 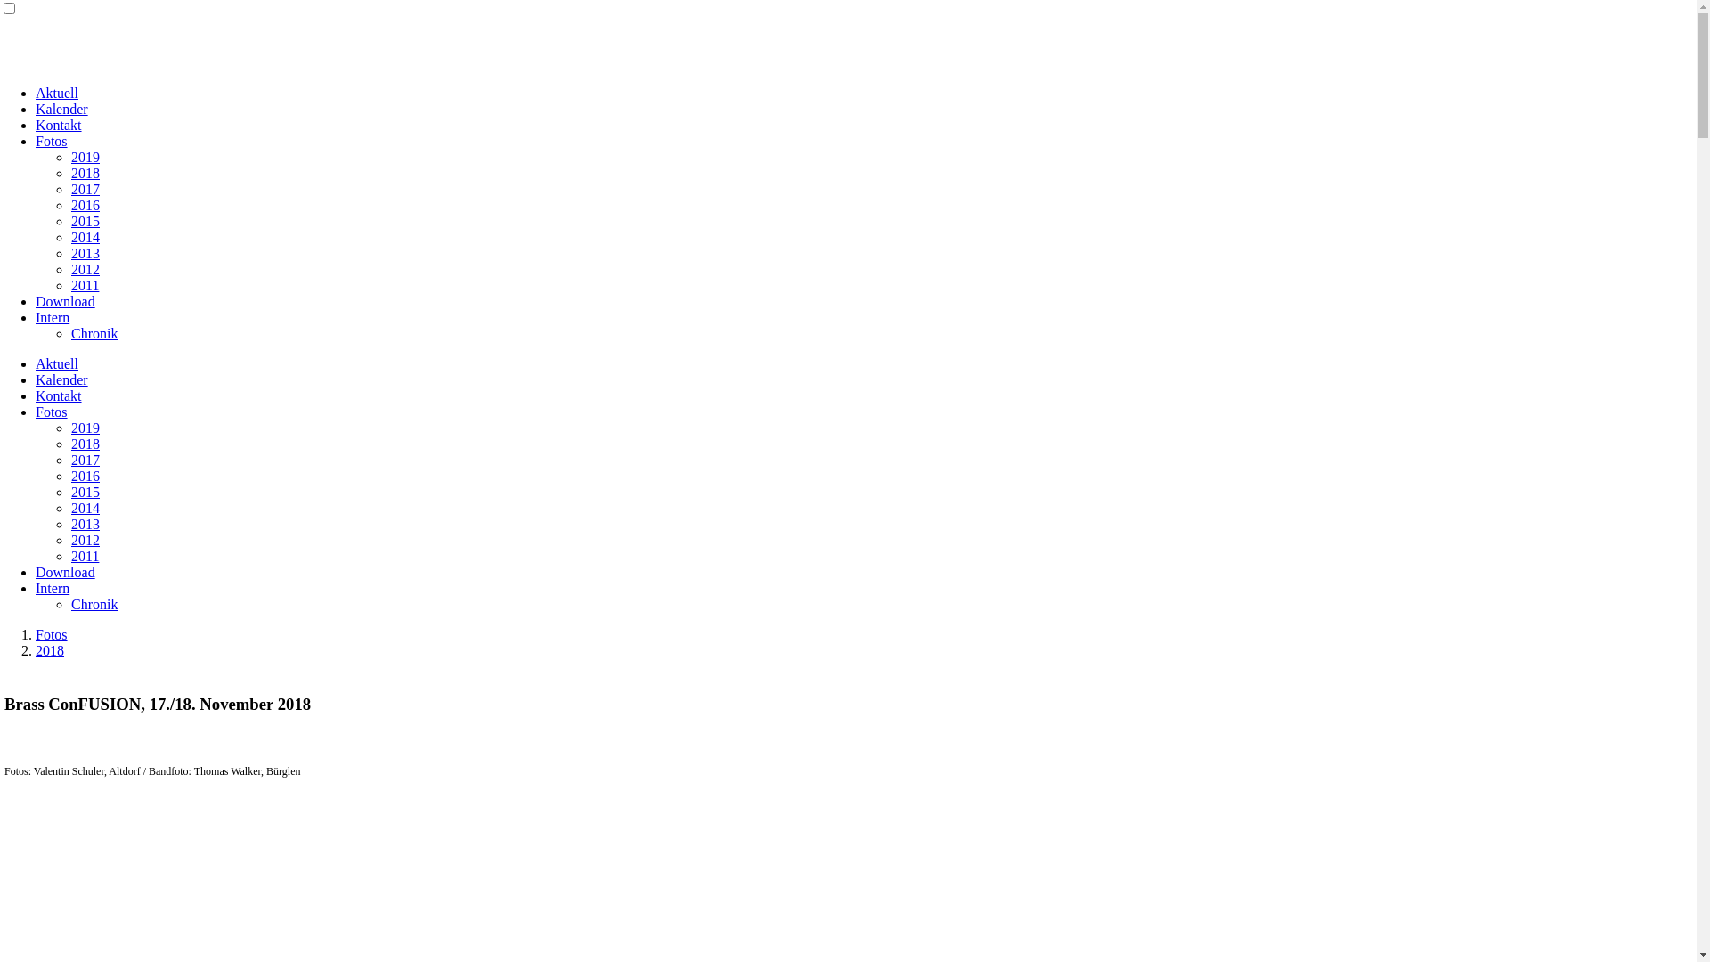 I want to click on 'Kalender', so click(x=61, y=379).